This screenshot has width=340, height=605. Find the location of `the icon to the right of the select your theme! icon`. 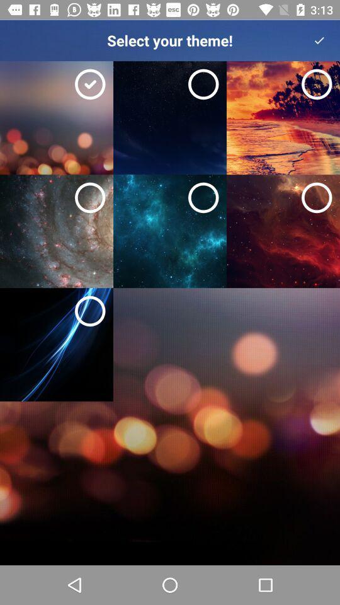

the icon to the right of the select your theme! icon is located at coordinates (319, 40).